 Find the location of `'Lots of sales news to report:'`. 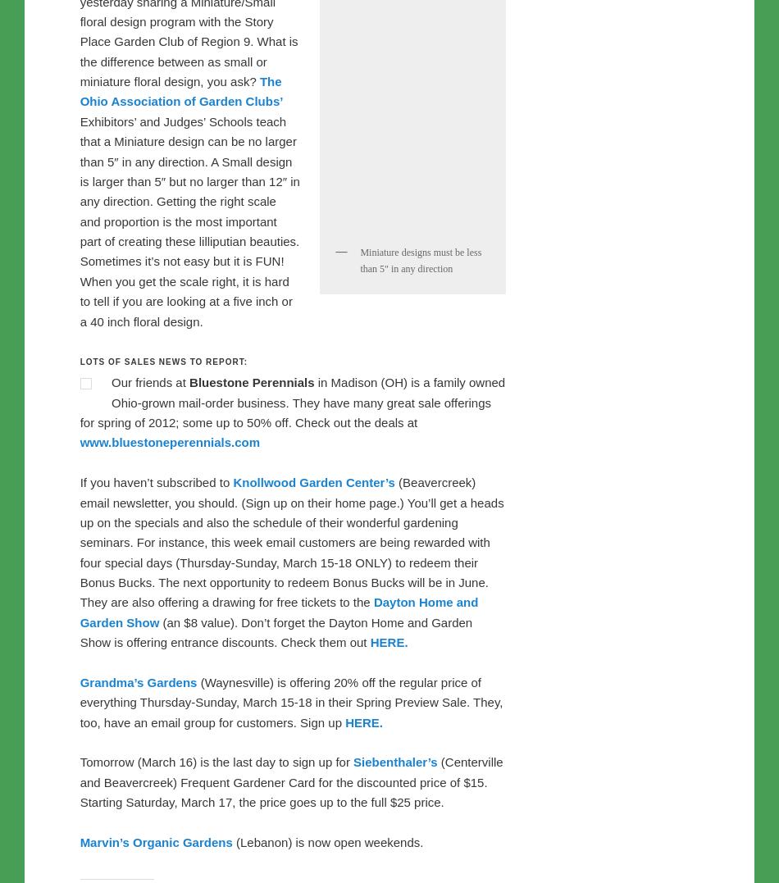

'Lots of sales news to report:' is located at coordinates (79, 361).